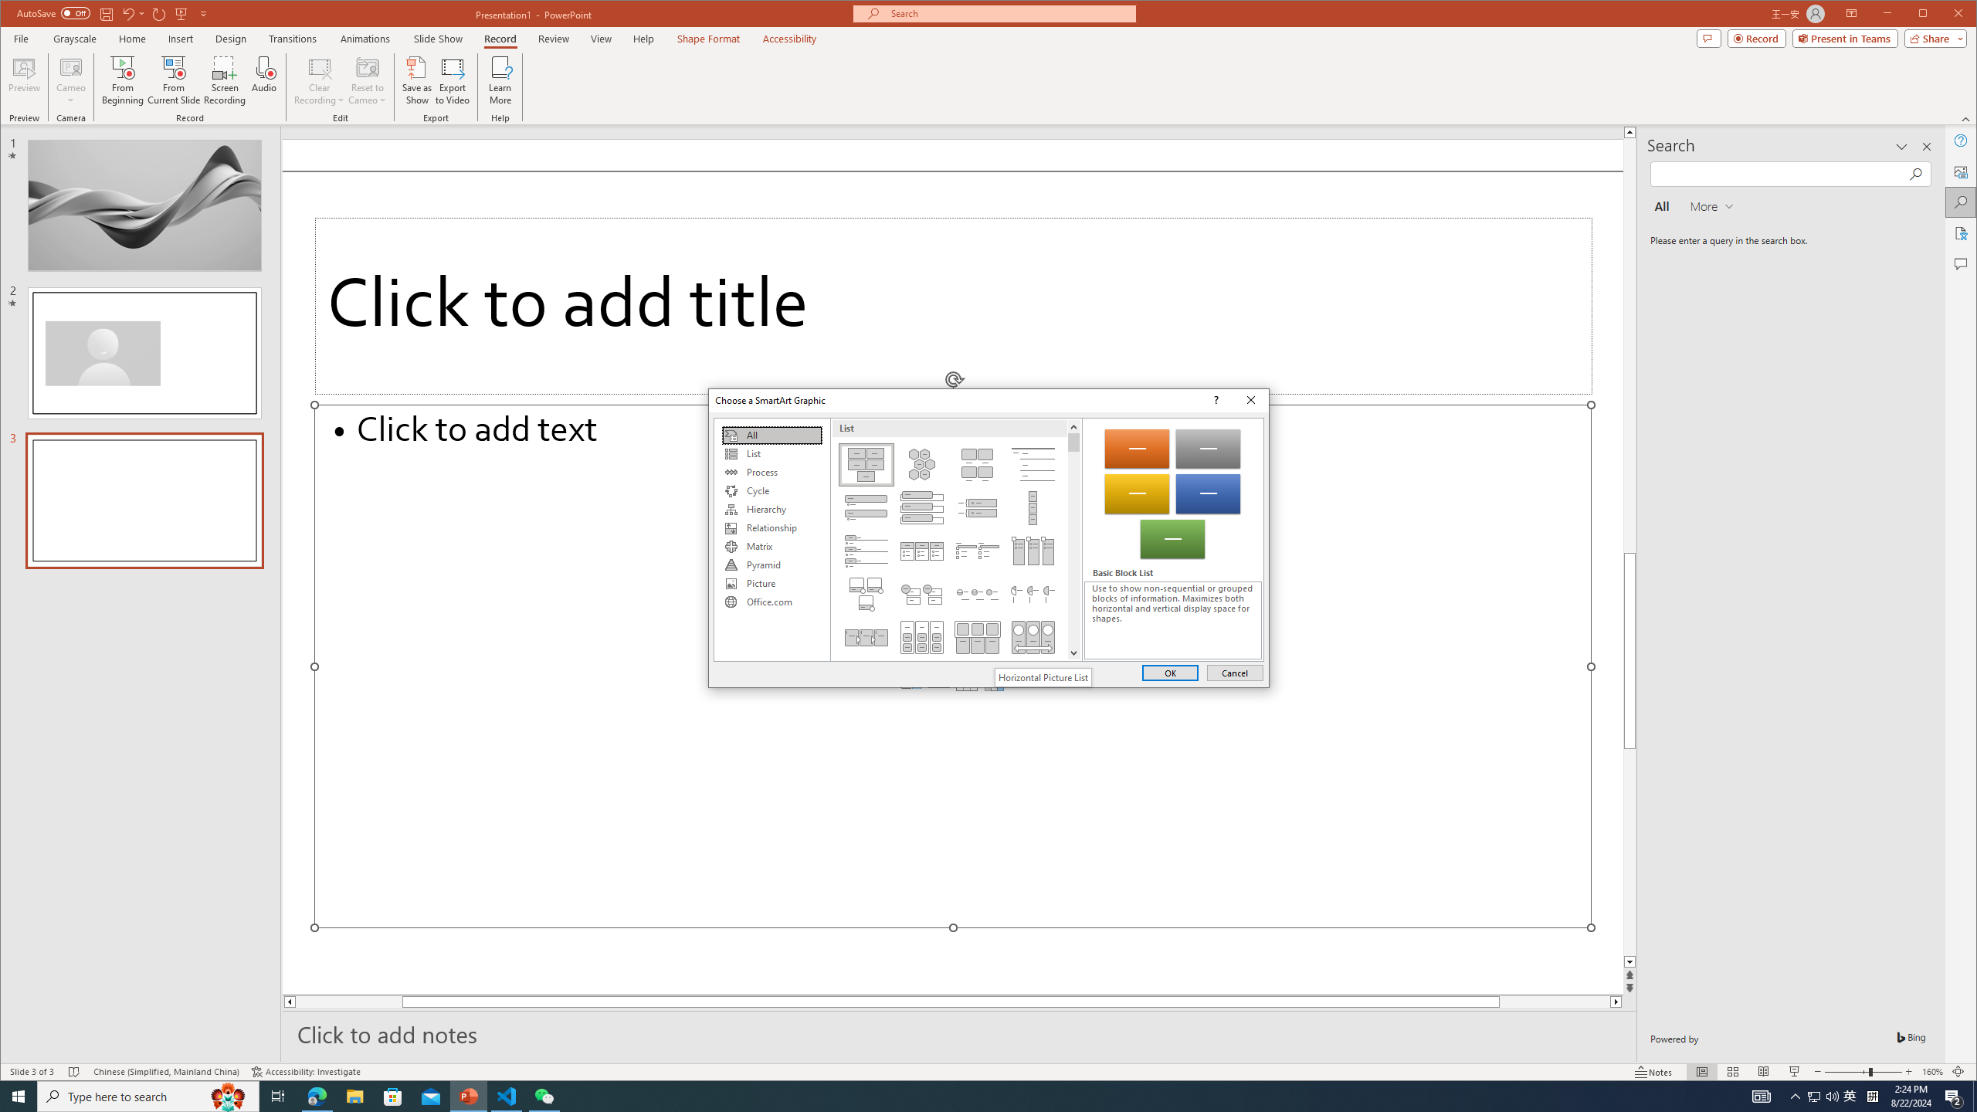 The height and width of the screenshot is (1112, 1977). I want to click on 'All', so click(771, 434).